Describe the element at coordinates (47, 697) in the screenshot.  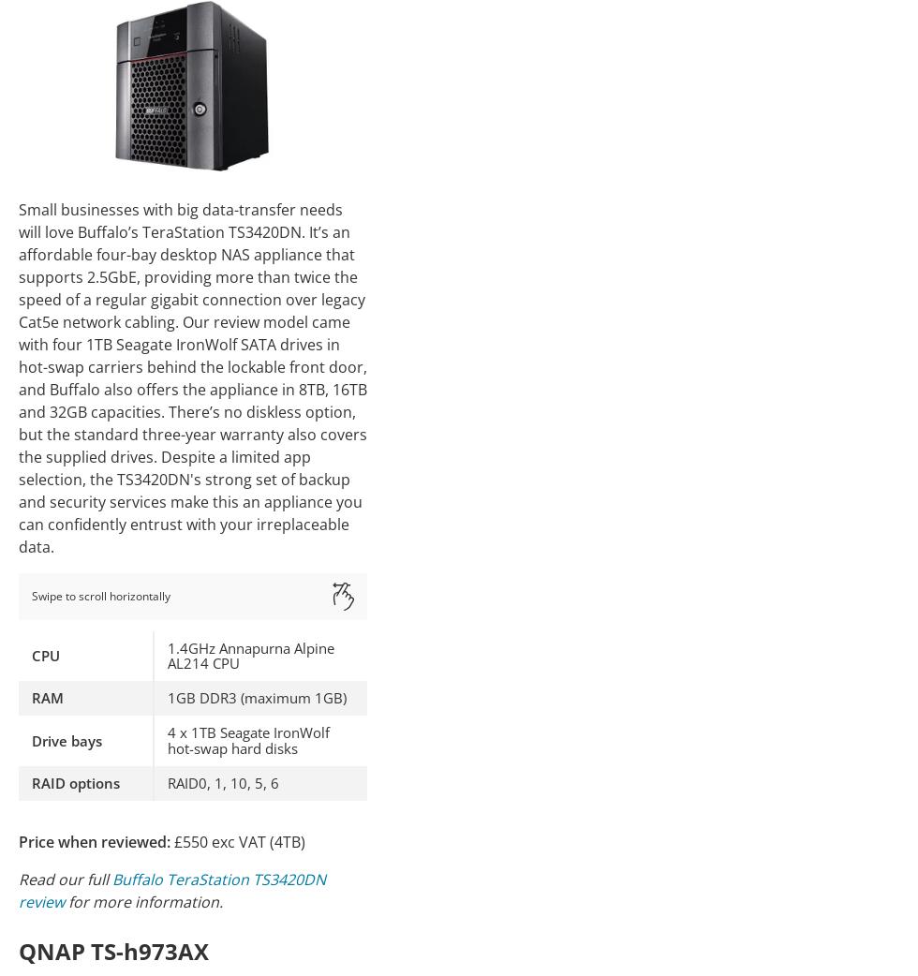
I see `'RAM'` at that location.